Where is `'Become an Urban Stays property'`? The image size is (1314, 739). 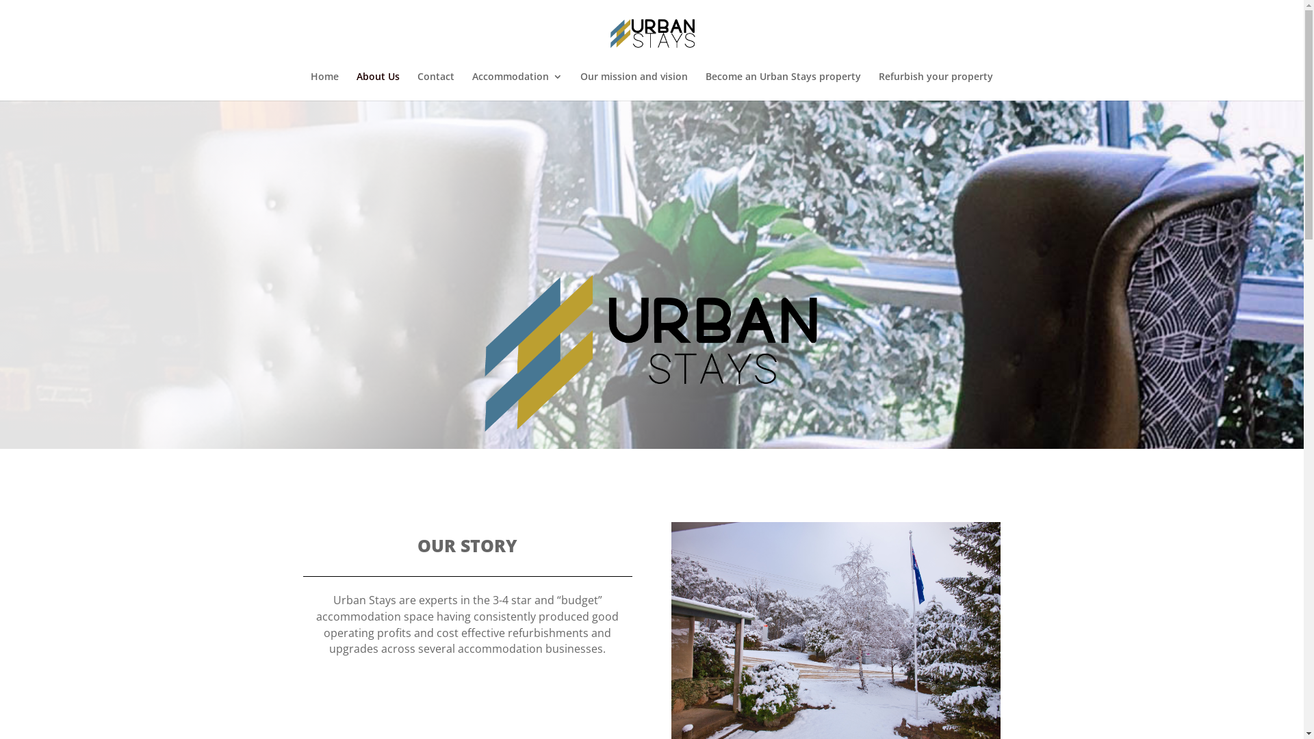 'Become an Urban Stays property' is located at coordinates (783, 86).